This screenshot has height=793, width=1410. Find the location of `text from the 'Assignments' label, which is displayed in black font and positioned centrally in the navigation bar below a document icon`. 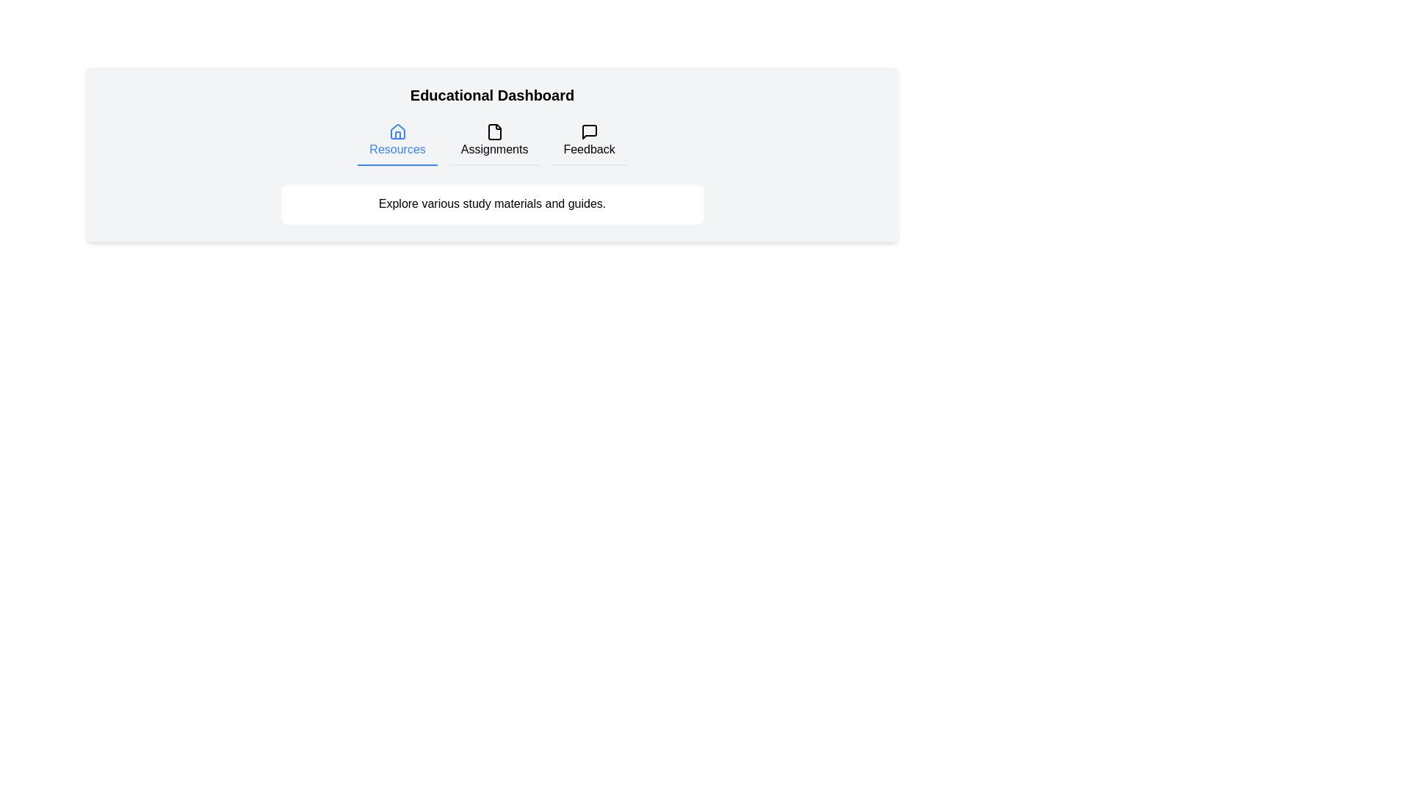

text from the 'Assignments' label, which is displayed in black font and positioned centrally in the navigation bar below a document icon is located at coordinates (494, 150).